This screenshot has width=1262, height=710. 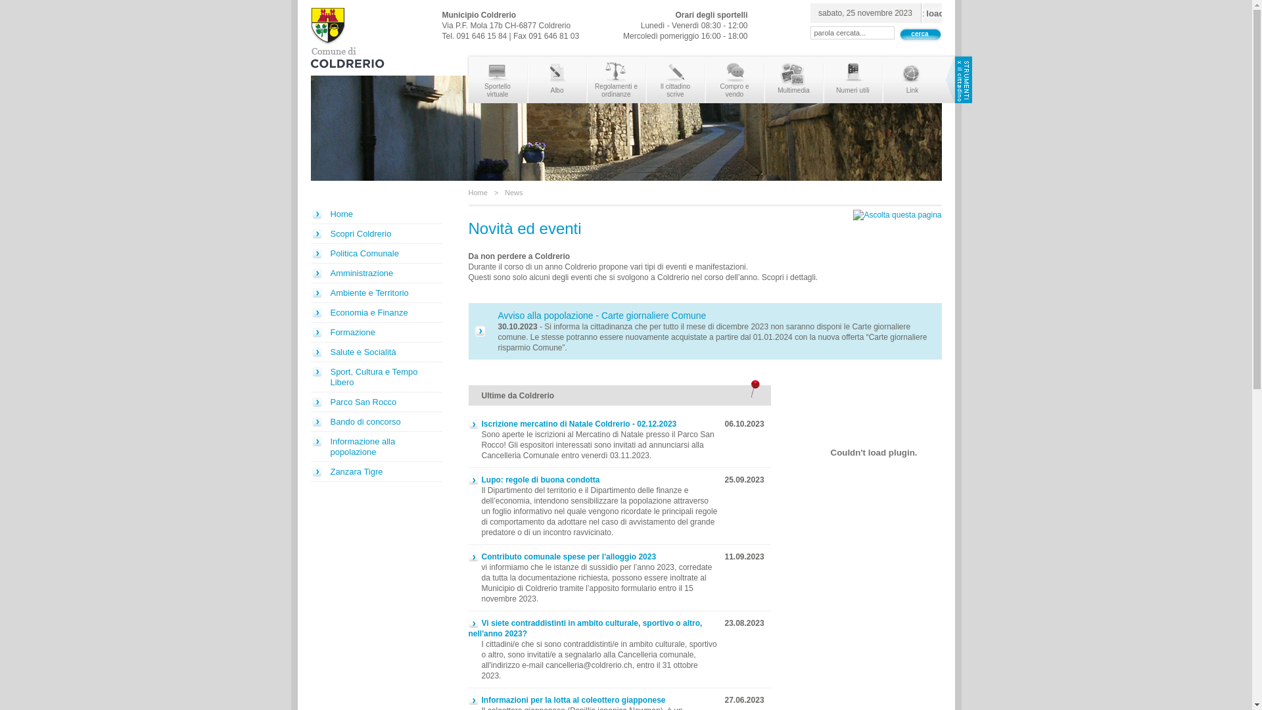 I want to click on 'Link', so click(x=912, y=80).